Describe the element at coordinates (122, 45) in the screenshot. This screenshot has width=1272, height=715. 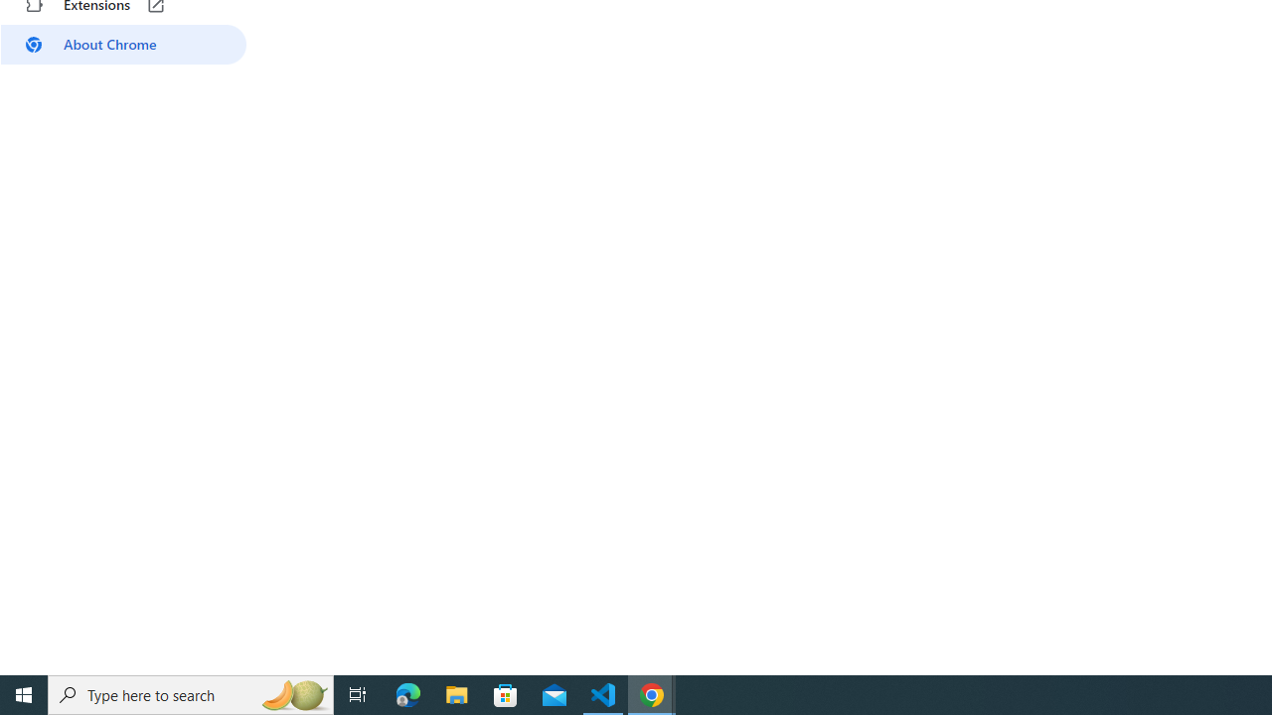
I see `'About Chrome'` at that location.